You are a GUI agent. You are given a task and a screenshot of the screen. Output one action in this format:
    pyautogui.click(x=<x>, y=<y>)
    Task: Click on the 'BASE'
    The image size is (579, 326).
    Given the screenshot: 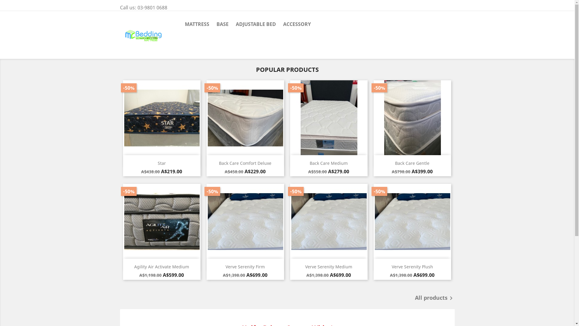 What is the action you would take?
    pyautogui.click(x=222, y=24)
    